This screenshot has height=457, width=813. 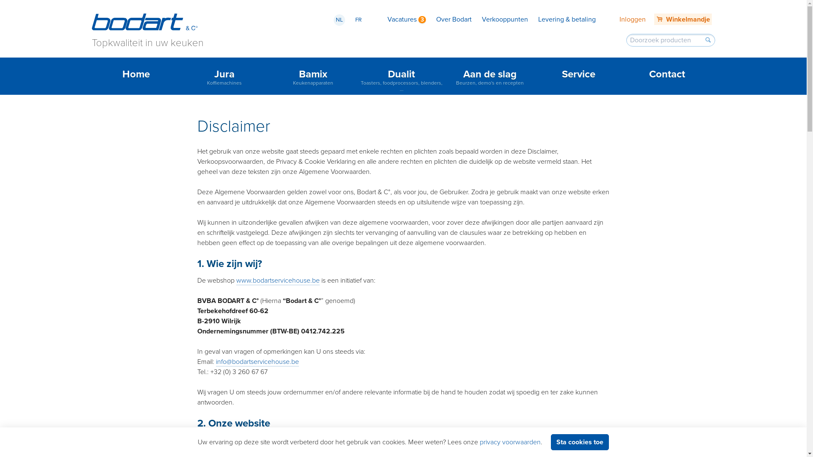 What do you see at coordinates (136, 76) in the screenshot?
I see `'Home'` at bounding box center [136, 76].